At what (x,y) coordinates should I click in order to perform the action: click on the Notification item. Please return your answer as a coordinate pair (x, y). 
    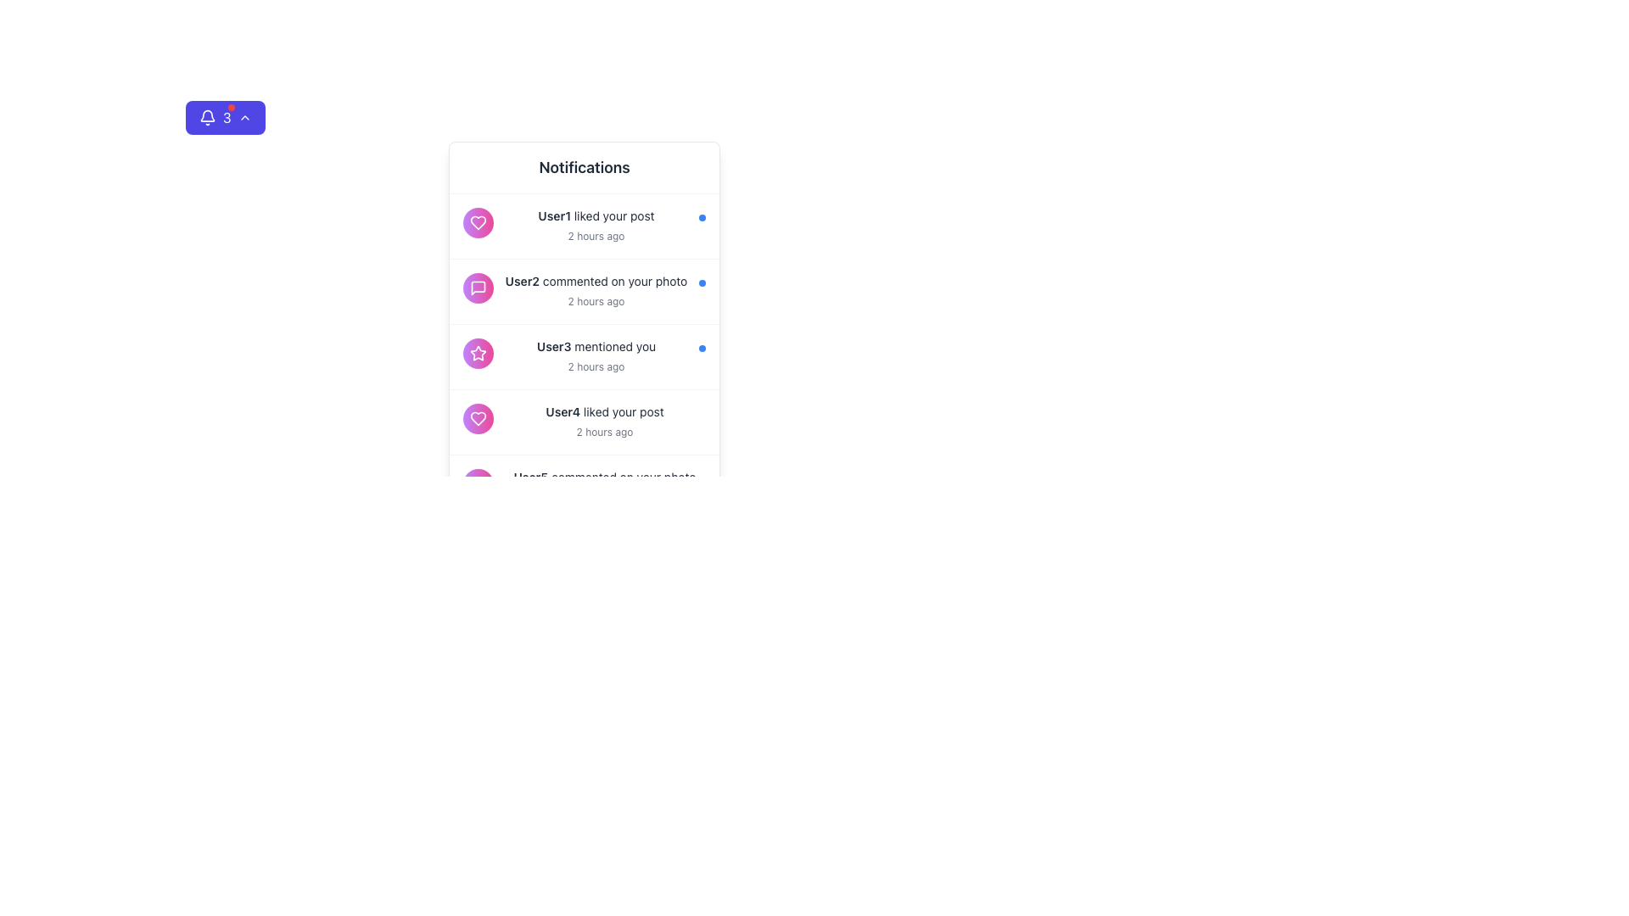
    Looking at the image, I should click on (585, 355).